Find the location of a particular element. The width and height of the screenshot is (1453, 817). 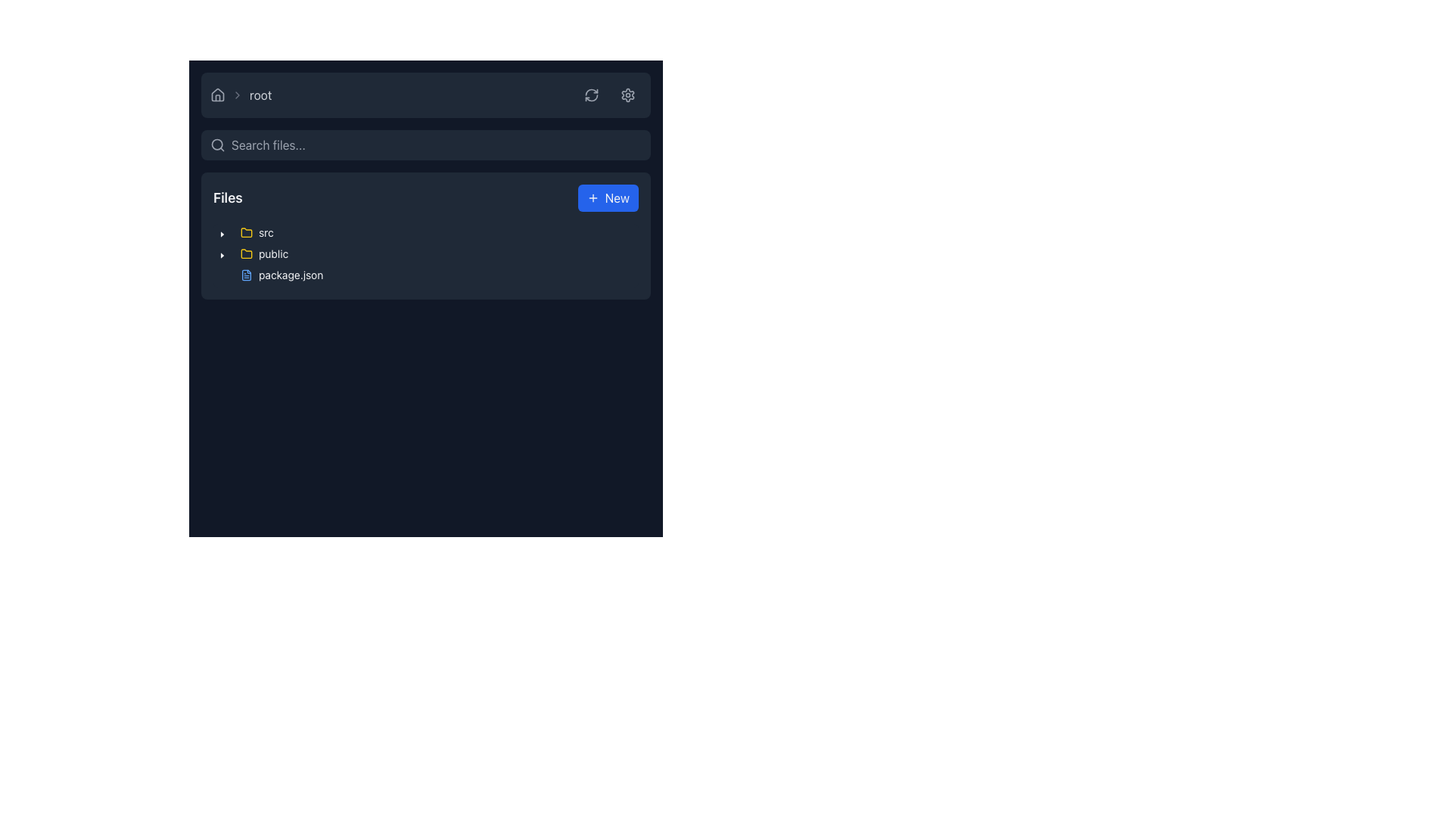

the 'src' folder entry icon, which is a yellow folder with the label 'src' in the file tree structure is located at coordinates (257, 233).